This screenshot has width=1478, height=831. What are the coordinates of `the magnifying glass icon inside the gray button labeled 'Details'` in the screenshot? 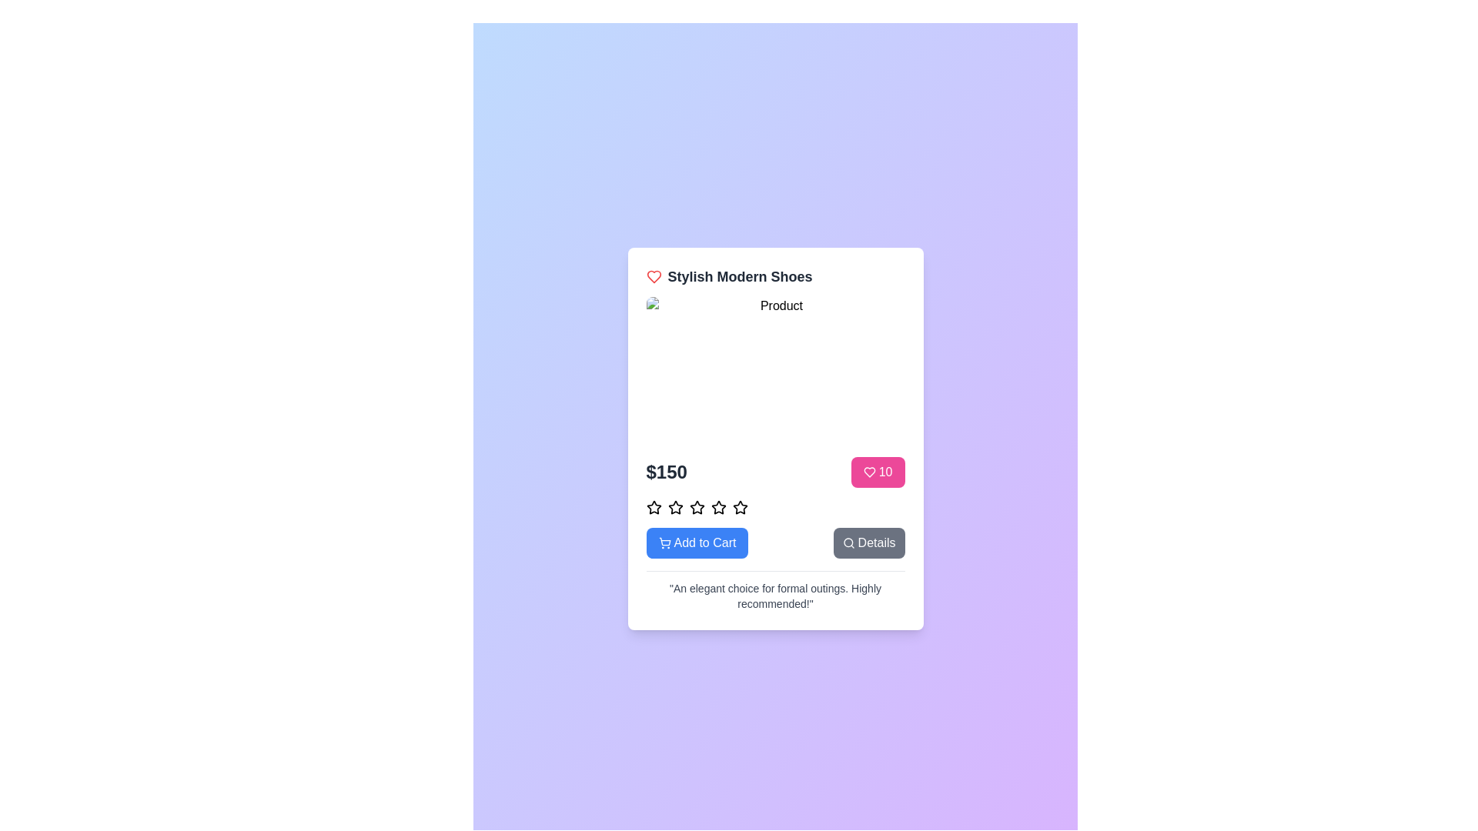 It's located at (848, 542).